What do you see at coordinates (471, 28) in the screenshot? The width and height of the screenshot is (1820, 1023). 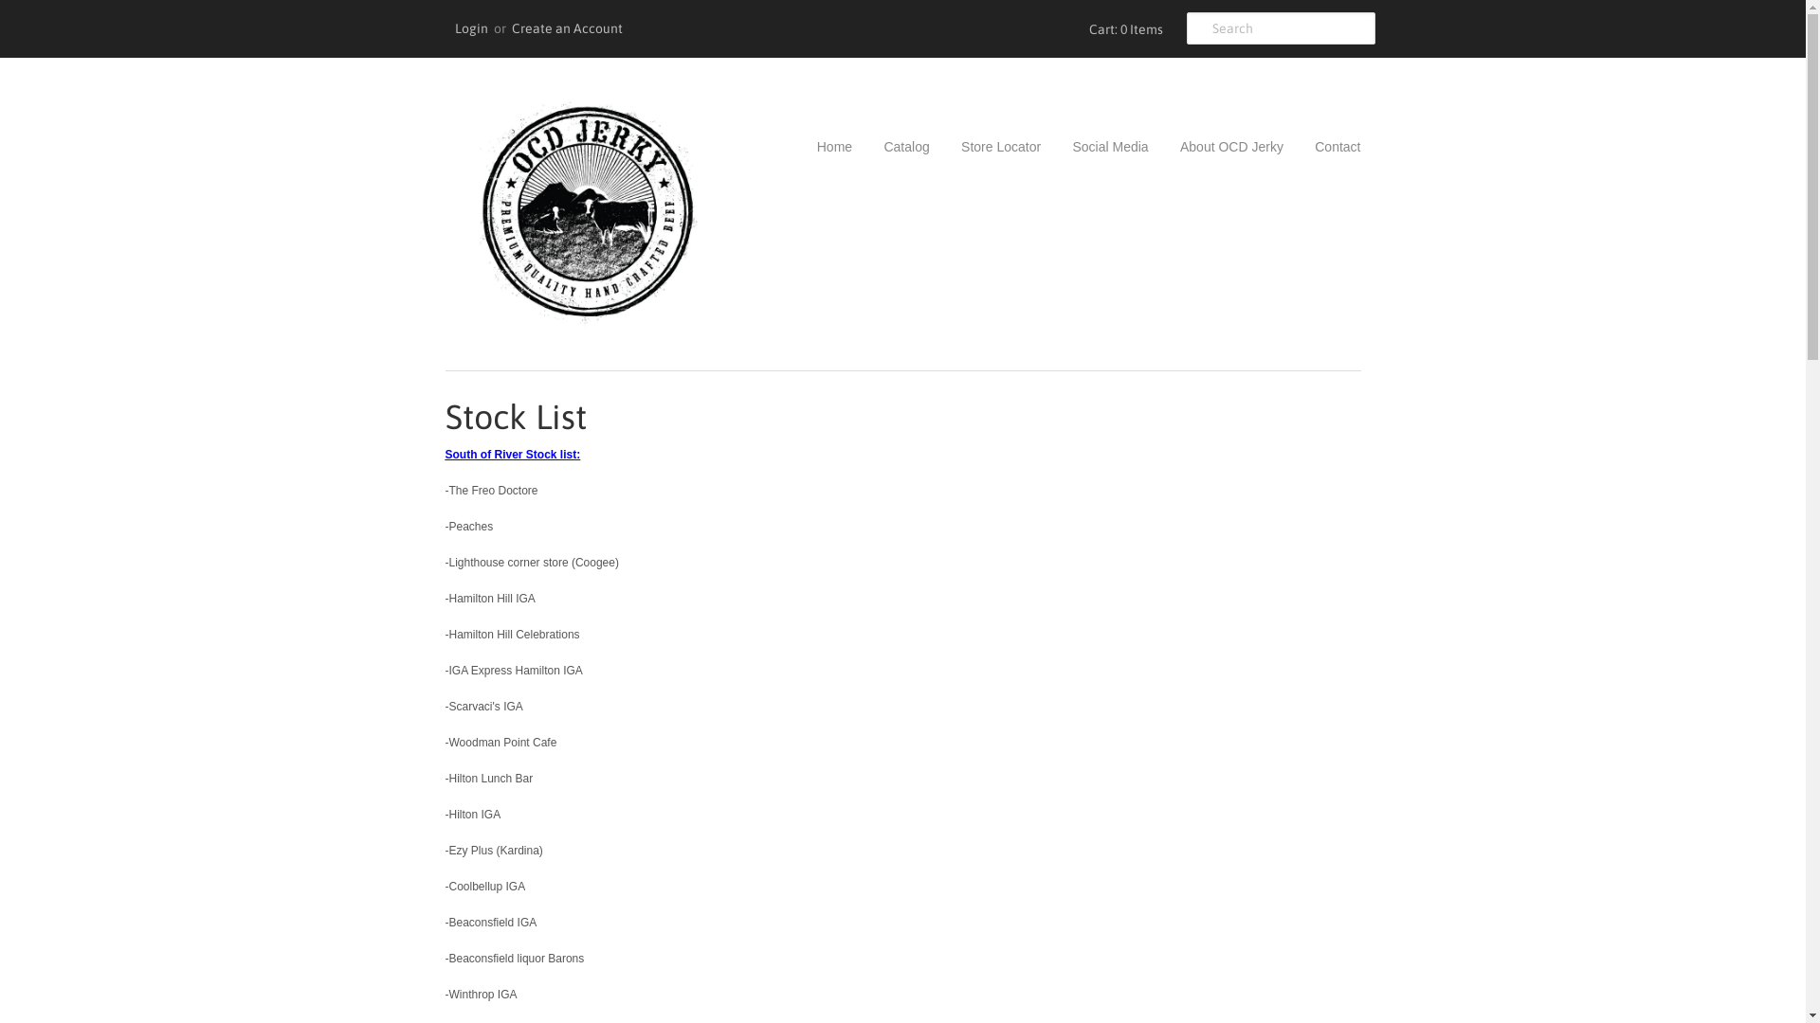 I see `'Login'` at bounding box center [471, 28].